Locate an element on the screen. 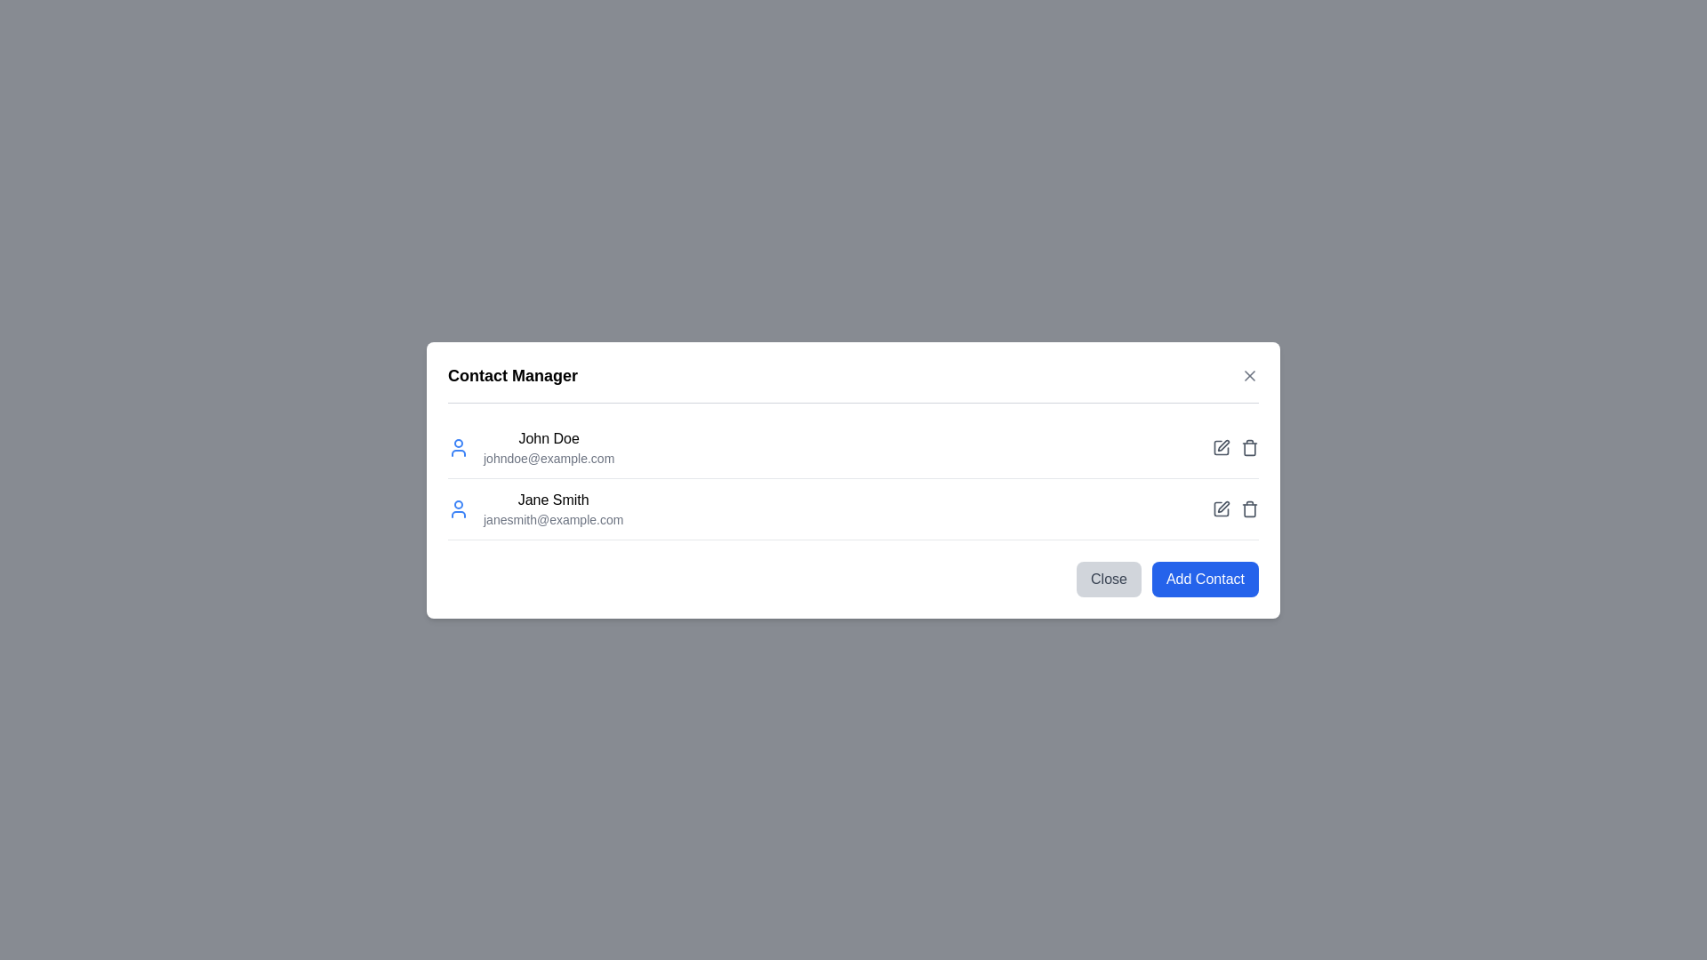 The image size is (1707, 960). the delete icon in the grouped interactive icons for the contact entry 'Jane Smith' is located at coordinates (1235, 508).